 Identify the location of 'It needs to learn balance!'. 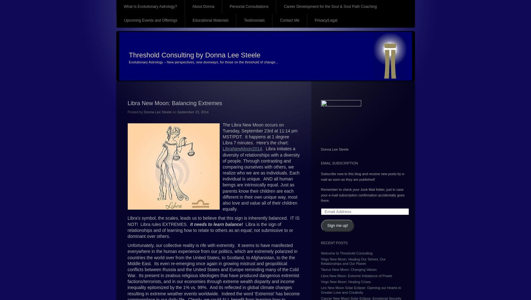
(216, 224).